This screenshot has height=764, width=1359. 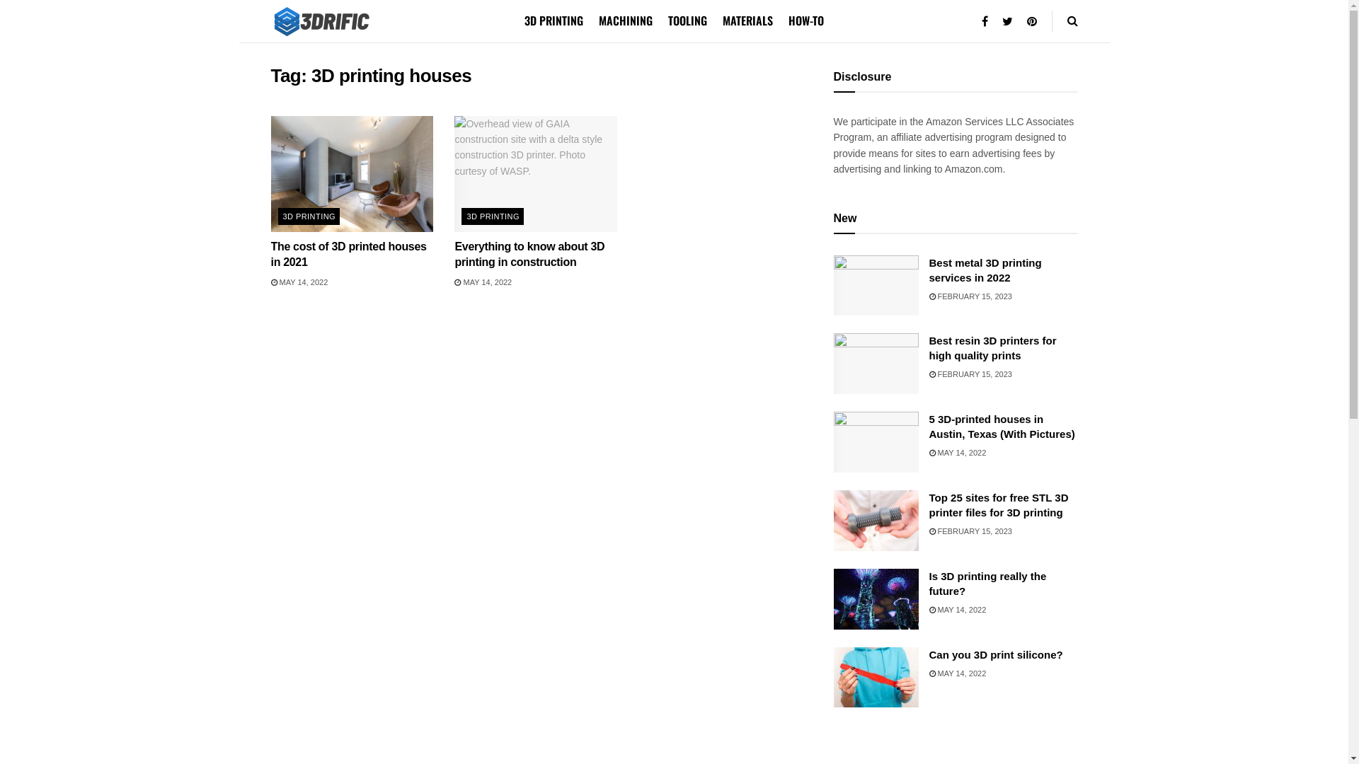 I want to click on 'HOW-TO', so click(x=805, y=21).